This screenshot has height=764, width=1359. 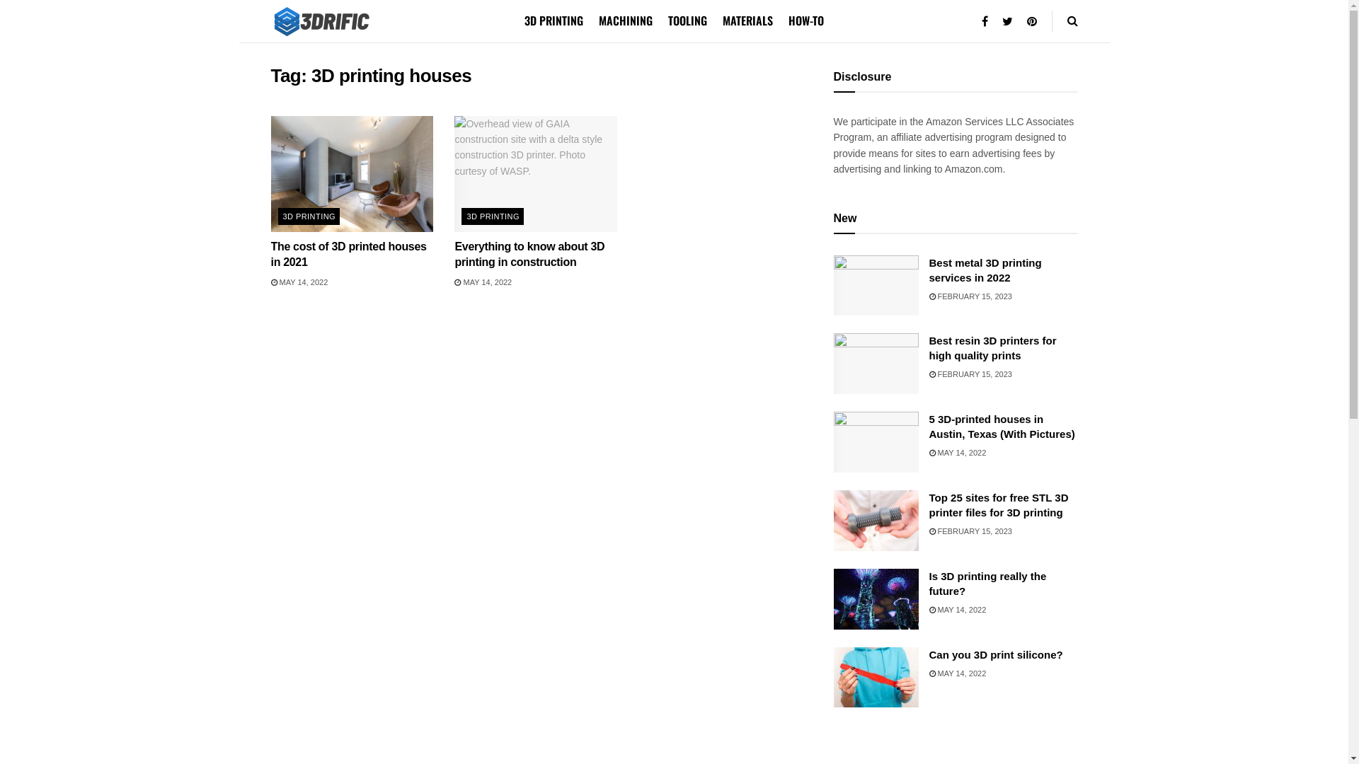 I want to click on 'HOW-TO', so click(x=805, y=21).